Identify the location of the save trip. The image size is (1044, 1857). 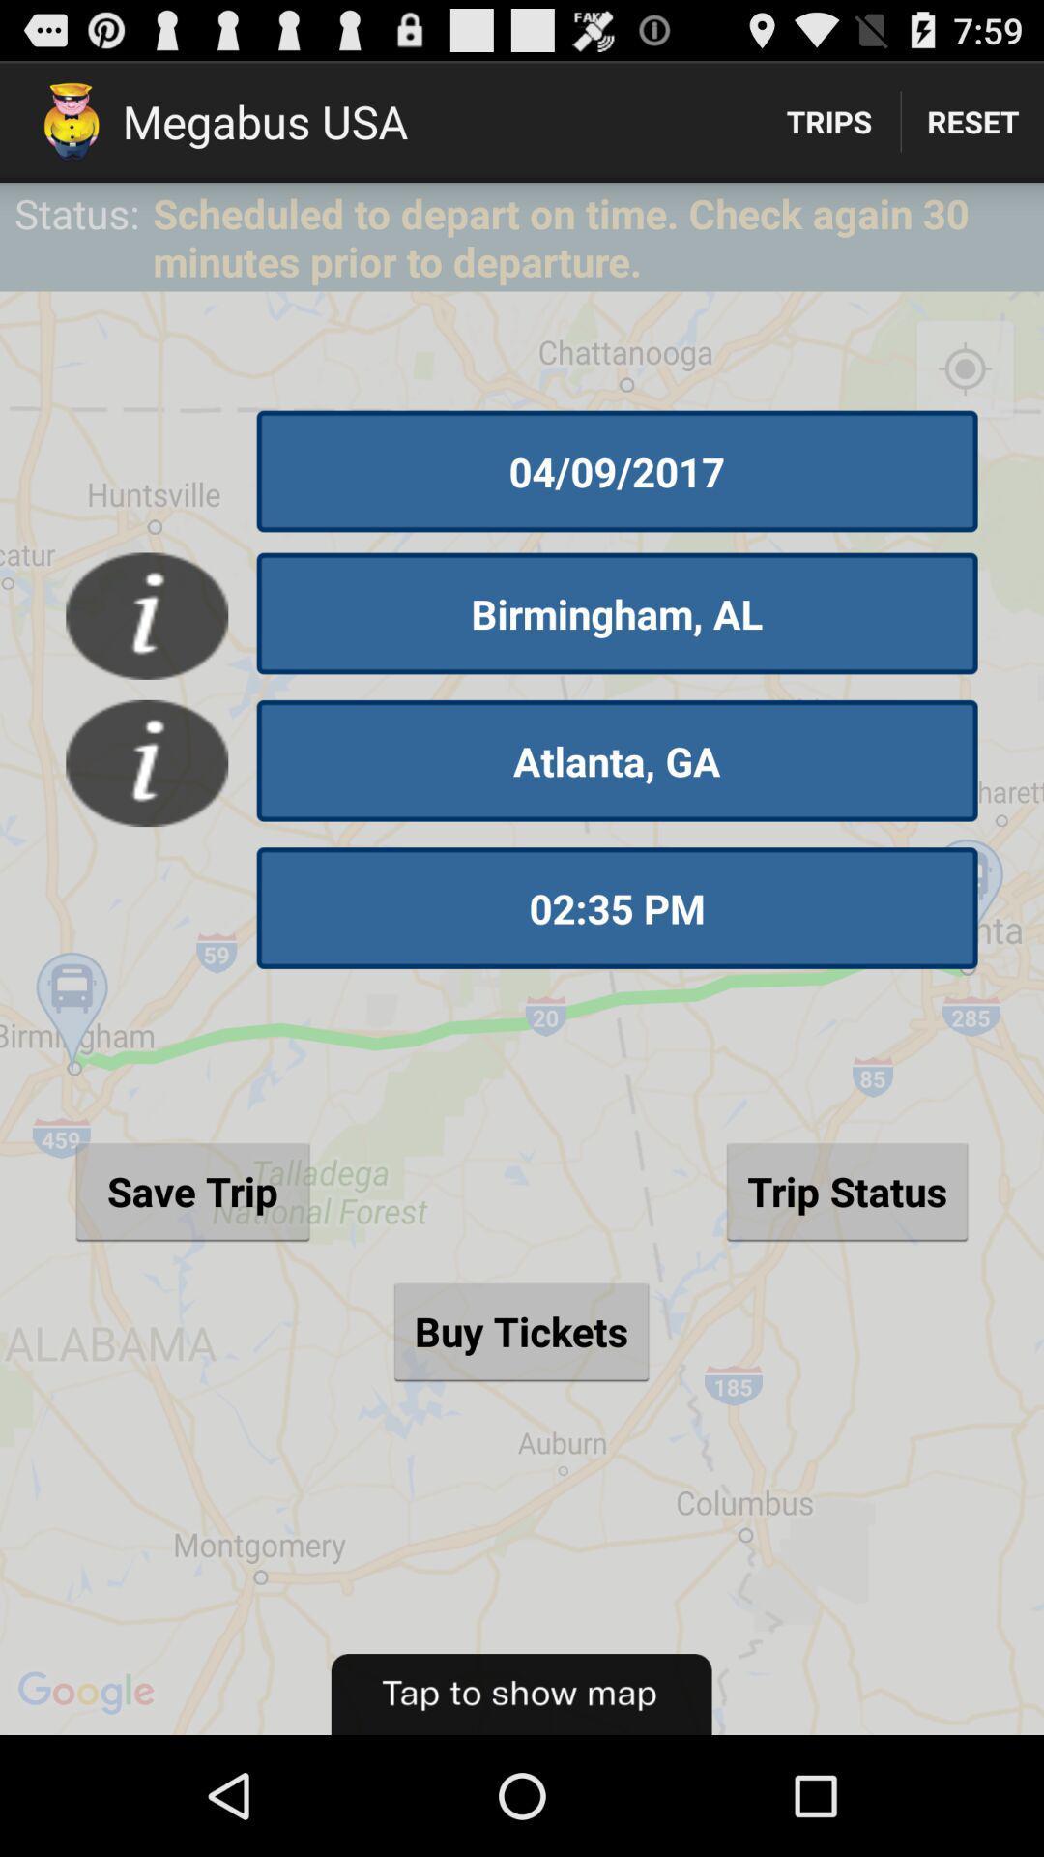
(192, 1190).